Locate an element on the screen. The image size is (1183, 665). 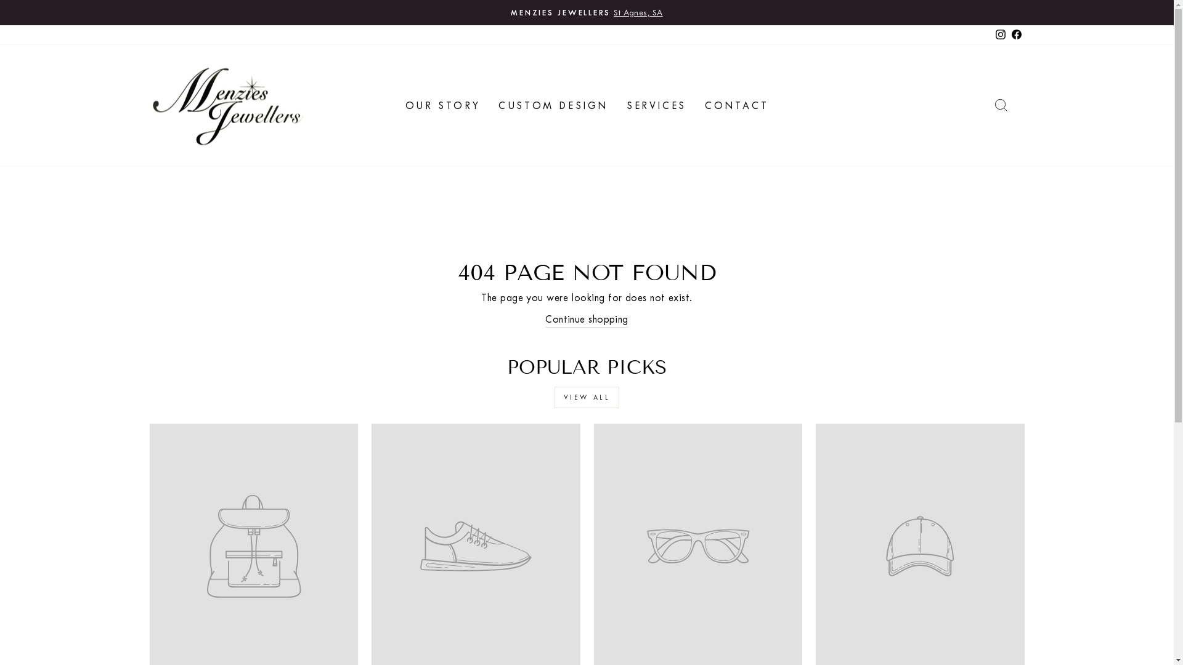
'OUR STORY' is located at coordinates (396, 104).